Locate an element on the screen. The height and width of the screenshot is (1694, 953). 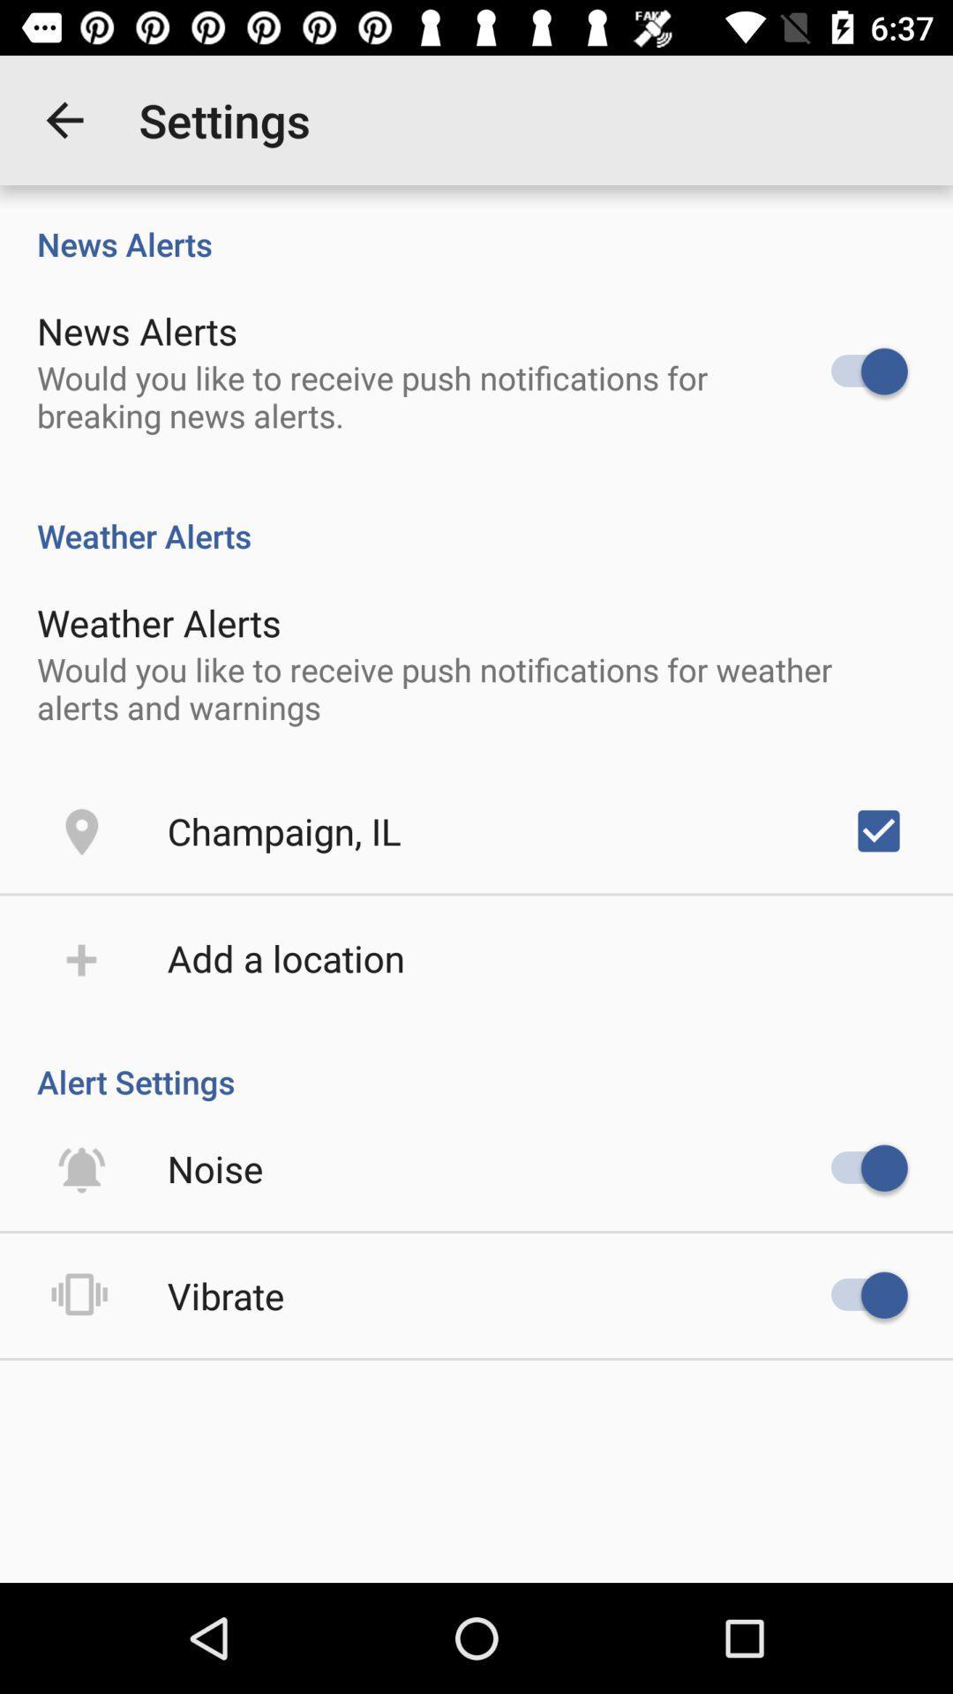
item below would you like is located at coordinates (283, 829).